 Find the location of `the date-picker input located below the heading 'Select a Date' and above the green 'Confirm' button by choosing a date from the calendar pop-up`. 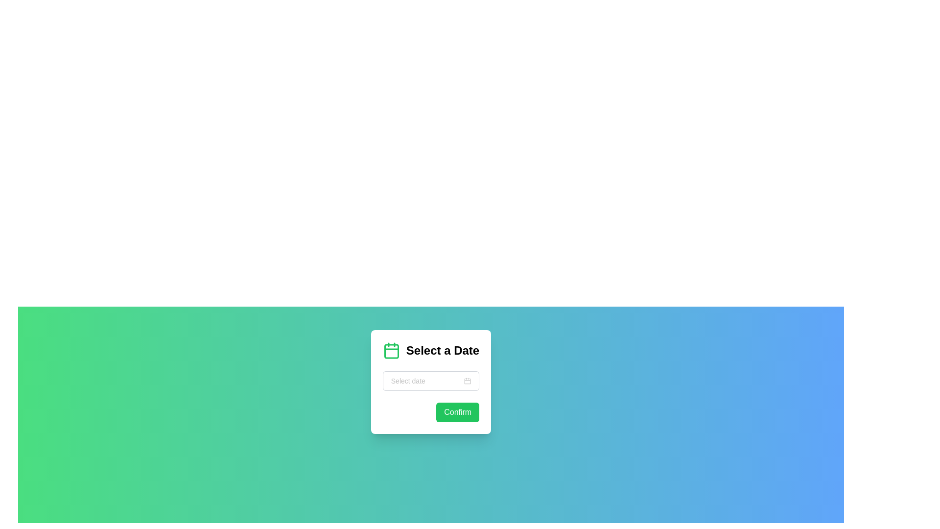

the date-picker input located below the heading 'Select a Date' and above the green 'Confirm' button by choosing a date from the calendar pop-up is located at coordinates (431, 381).